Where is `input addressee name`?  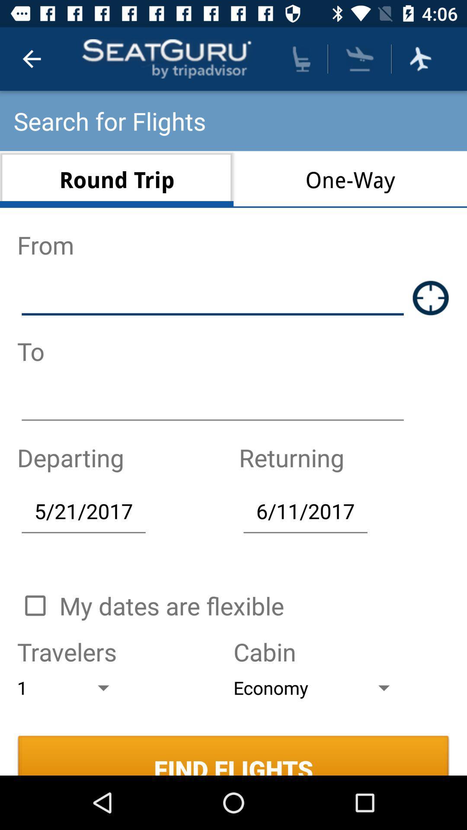
input addressee name is located at coordinates (213, 404).